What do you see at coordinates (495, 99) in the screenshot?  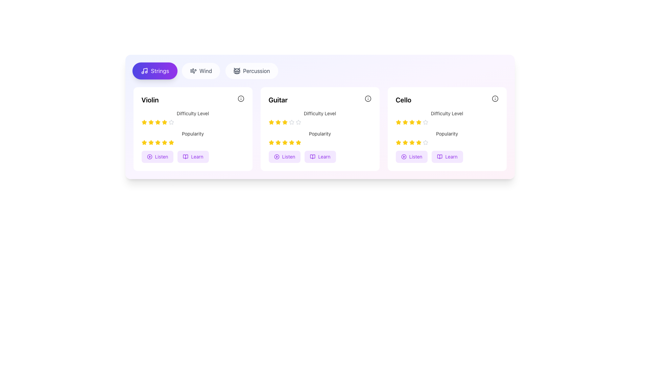 I see `the SVG circle shape located at the top-right corner of the Cello section, which is the innermost shape of the informational icon` at bounding box center [495, 99].